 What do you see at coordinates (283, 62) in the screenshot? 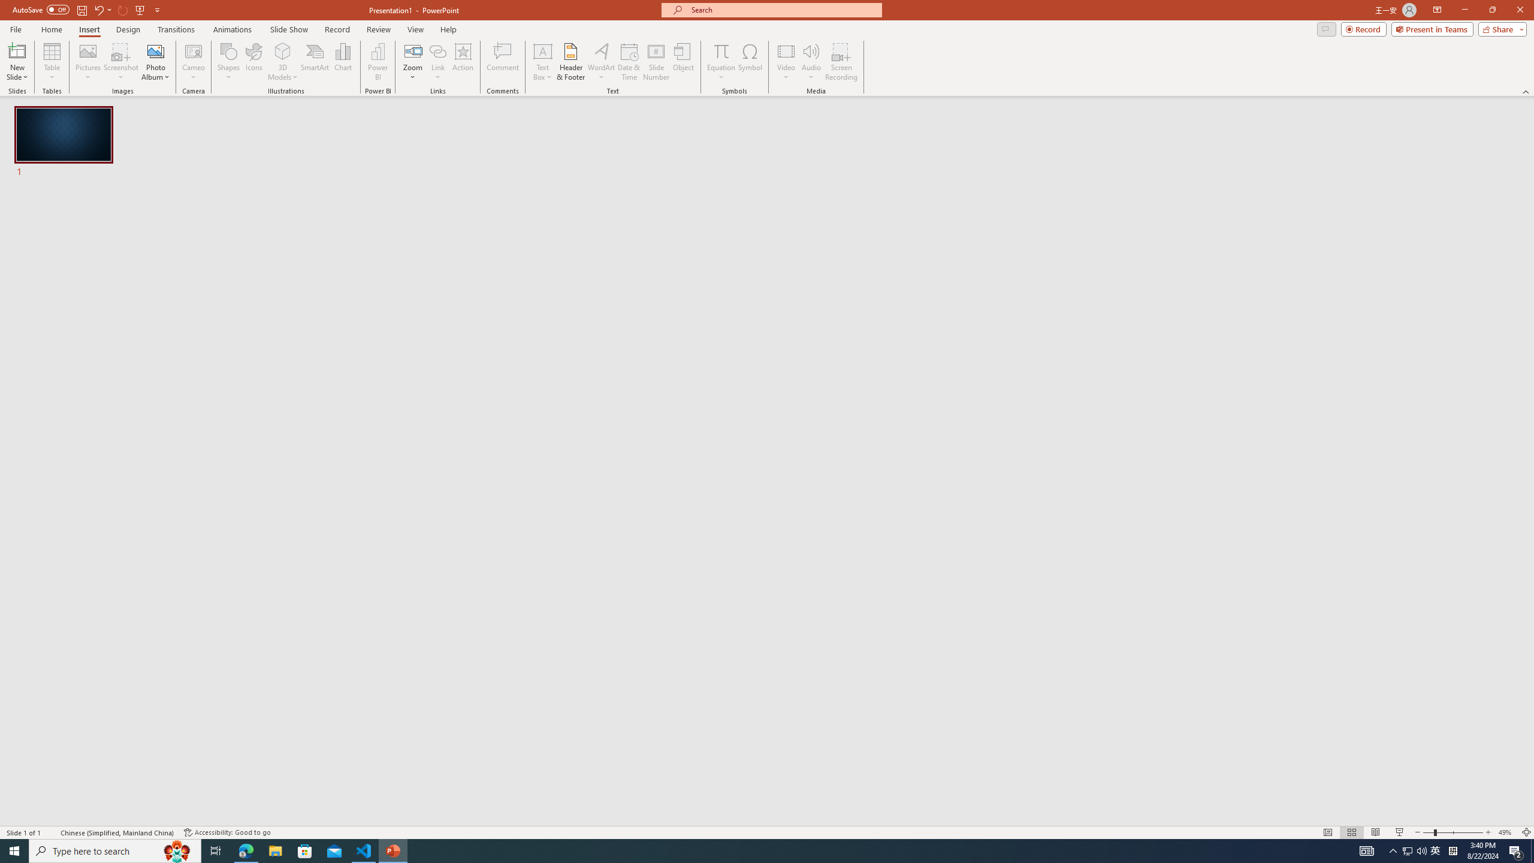
I see `'3D Models'` at bounding box center [283, 62].